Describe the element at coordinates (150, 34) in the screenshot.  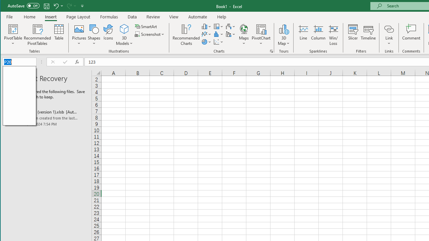
I see `'Screenshot'` at that location.